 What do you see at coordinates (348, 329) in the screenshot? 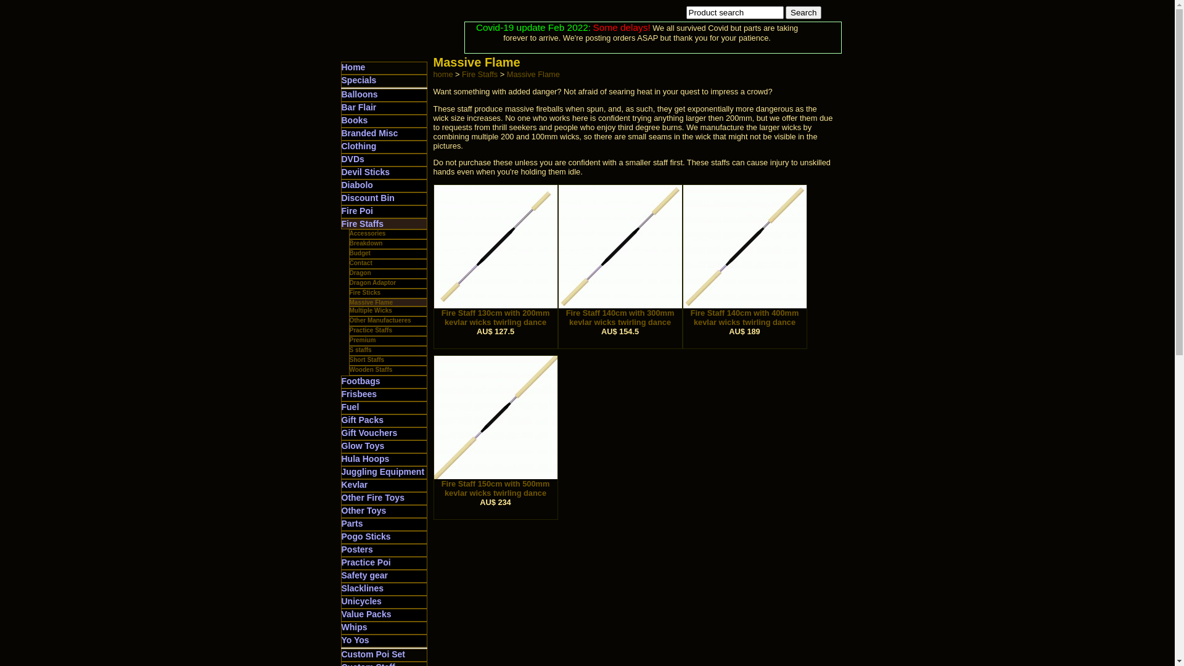
I see `'Practice Staffs'` at bounding box center [348, 329].